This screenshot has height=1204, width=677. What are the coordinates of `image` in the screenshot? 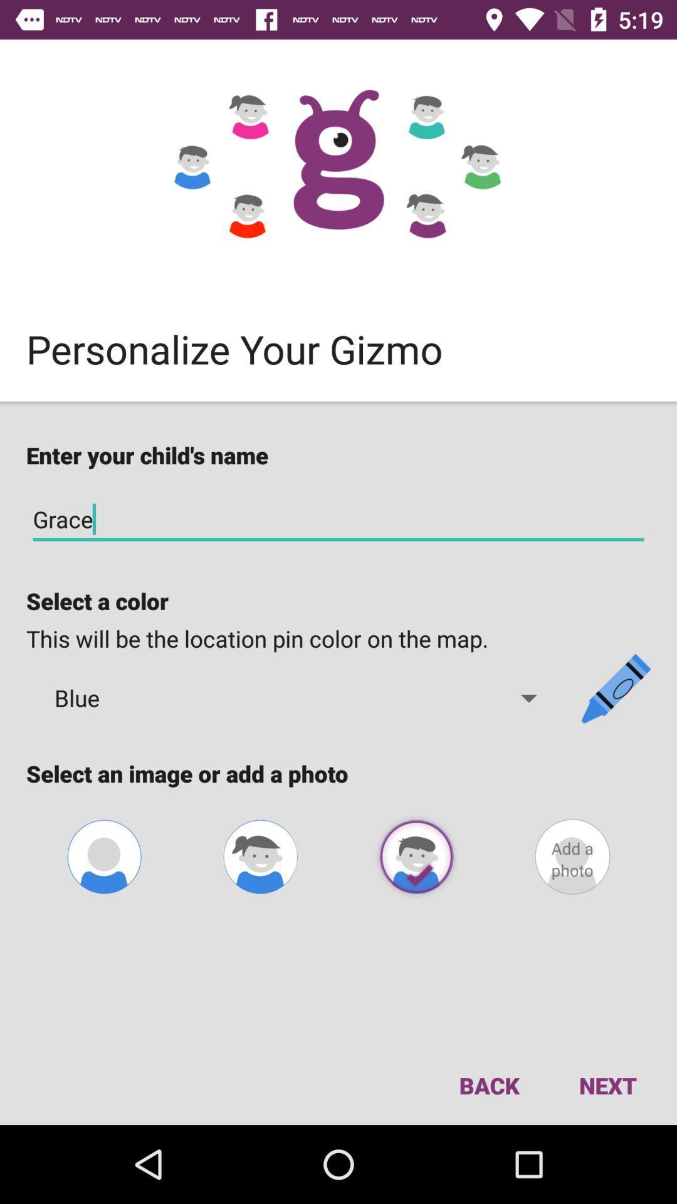 It's located at (416, 856).